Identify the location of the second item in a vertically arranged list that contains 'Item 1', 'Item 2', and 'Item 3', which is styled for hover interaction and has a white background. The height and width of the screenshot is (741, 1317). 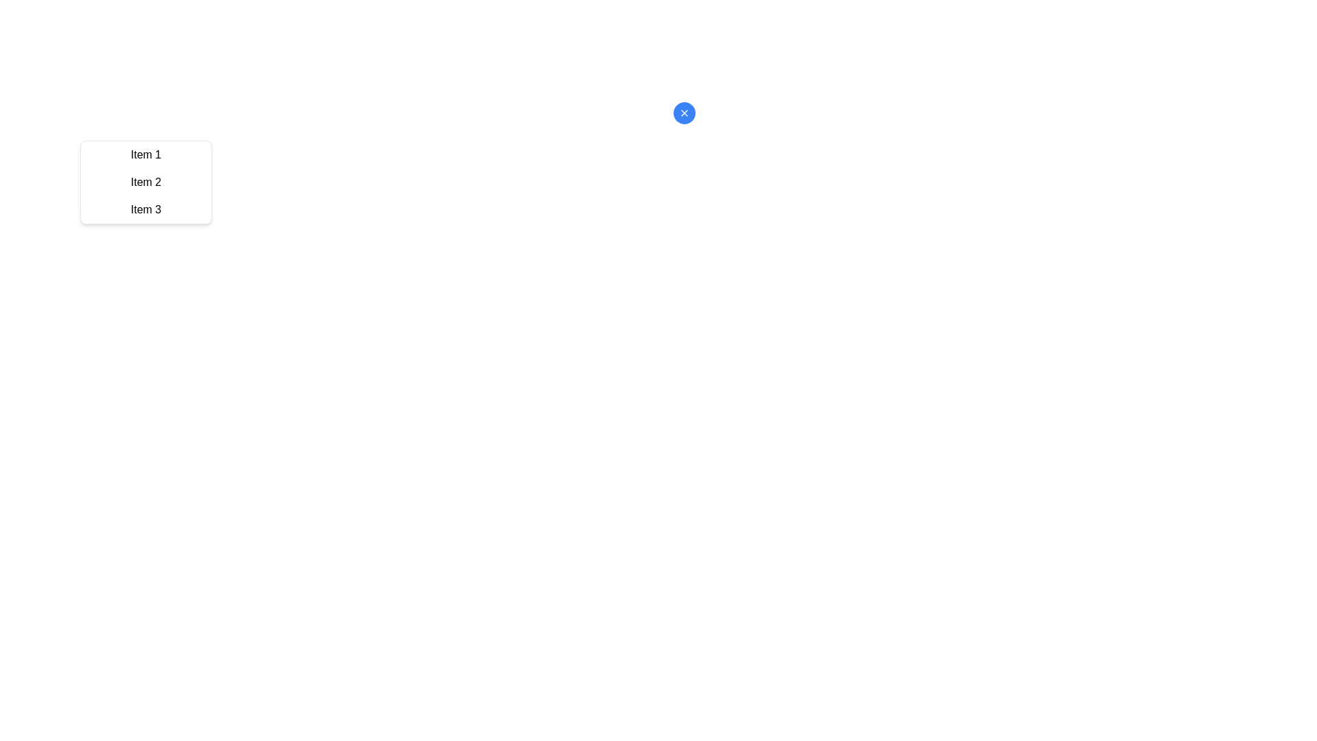
(145, 182).